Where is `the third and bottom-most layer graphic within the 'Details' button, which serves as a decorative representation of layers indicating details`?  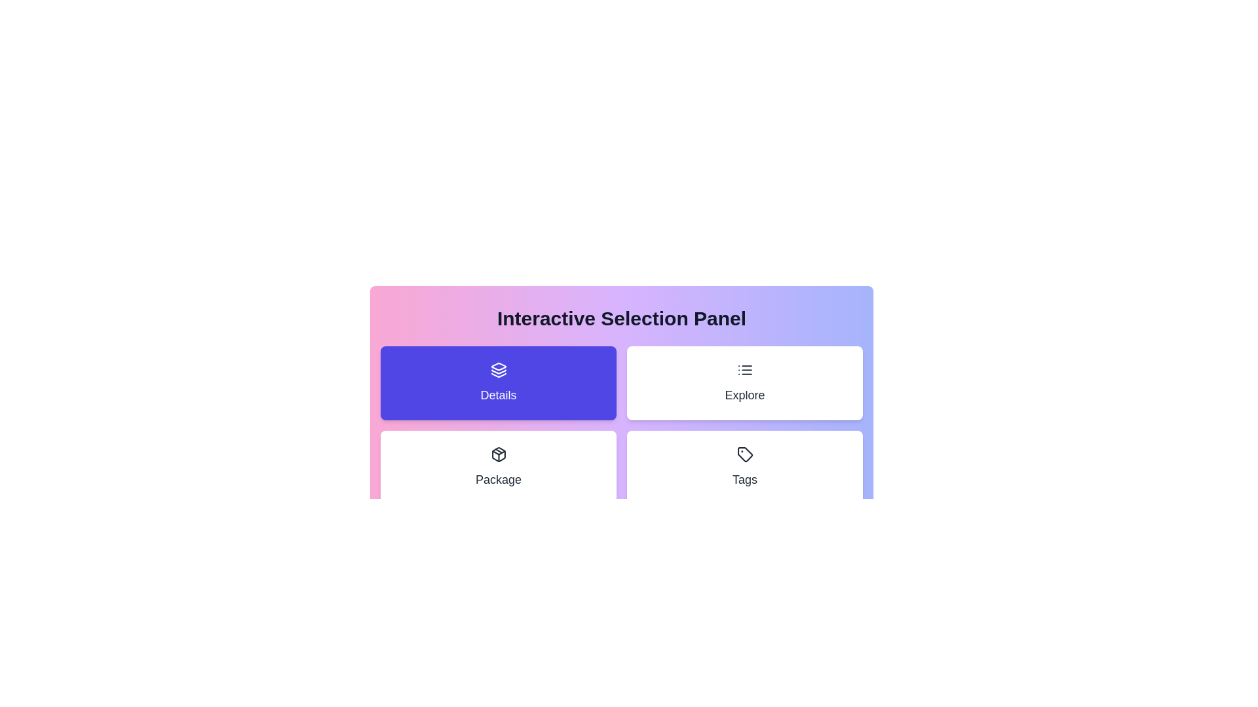 the third and bottom-most layer graphic within the 'Details' button, which serves as a decorative representation of layers indicating details is located at coordinates (498, 375).